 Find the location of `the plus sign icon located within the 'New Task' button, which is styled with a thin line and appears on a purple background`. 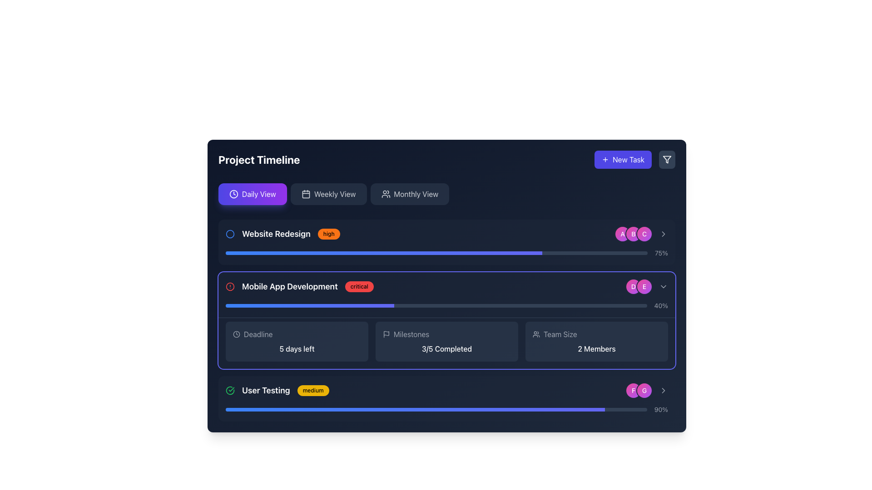

the plus sign icon located within the 'New Task' button, which is styled with a thin line and appears on a purple background is located at coordinates (605, 159).